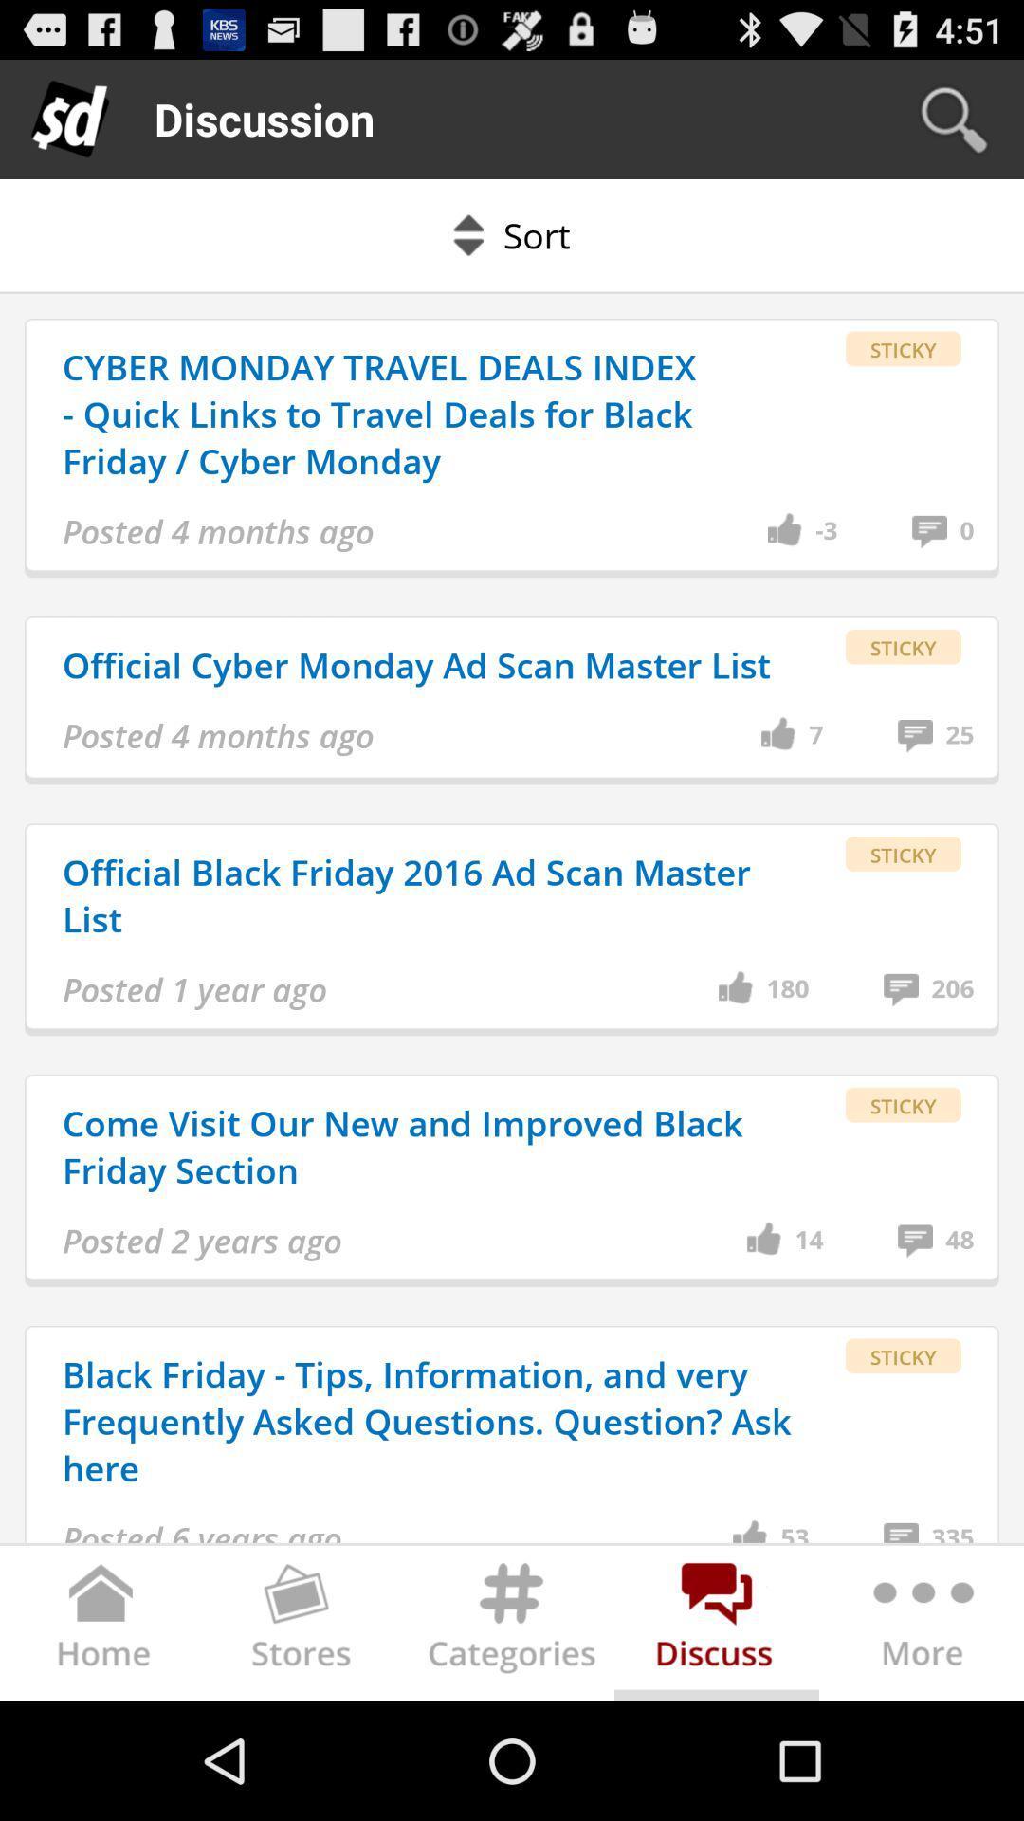 The height and width of the screenshot is (1821, 1024). Describe the element at coordinates (787, 988) in the screenshot. I see `the 180` at that location.